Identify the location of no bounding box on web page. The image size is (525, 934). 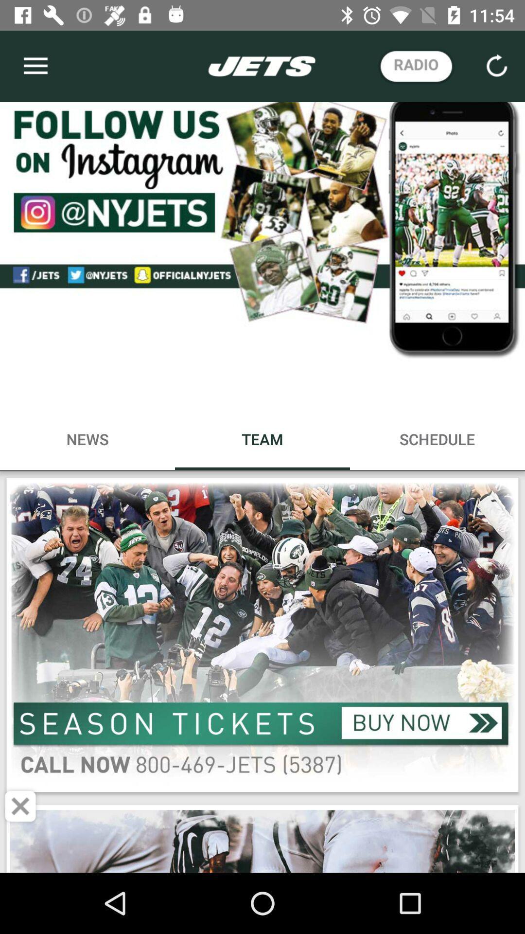
(262, 438).